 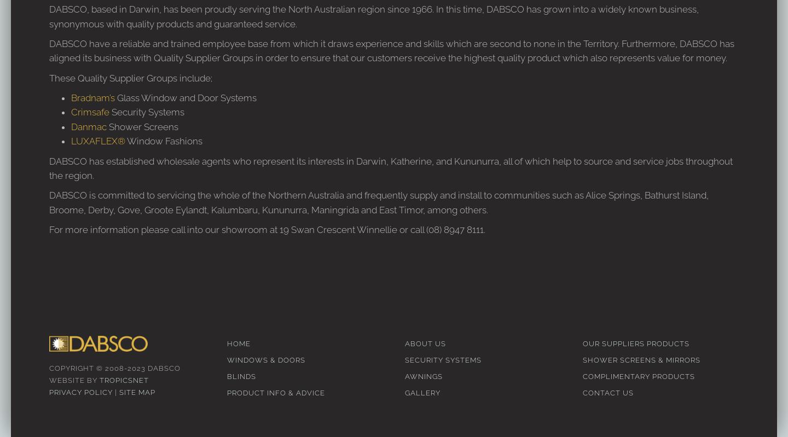 I want to click on 'DABSCO have a reliable and trained employee base from which it draws experience and skills which are second to none in the Territory. Furthermore, DABSCO has aligned its business with Quality Supplier Groups in order to ensure that our customers receive the highest quality product which also represents value for money.', so click(x=391, y=50).